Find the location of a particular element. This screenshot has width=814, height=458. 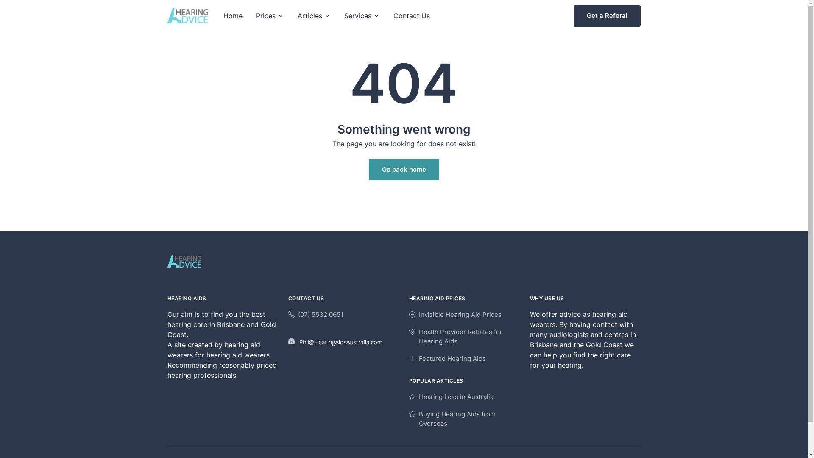

'Prices' is located at coordinates (270, 16).